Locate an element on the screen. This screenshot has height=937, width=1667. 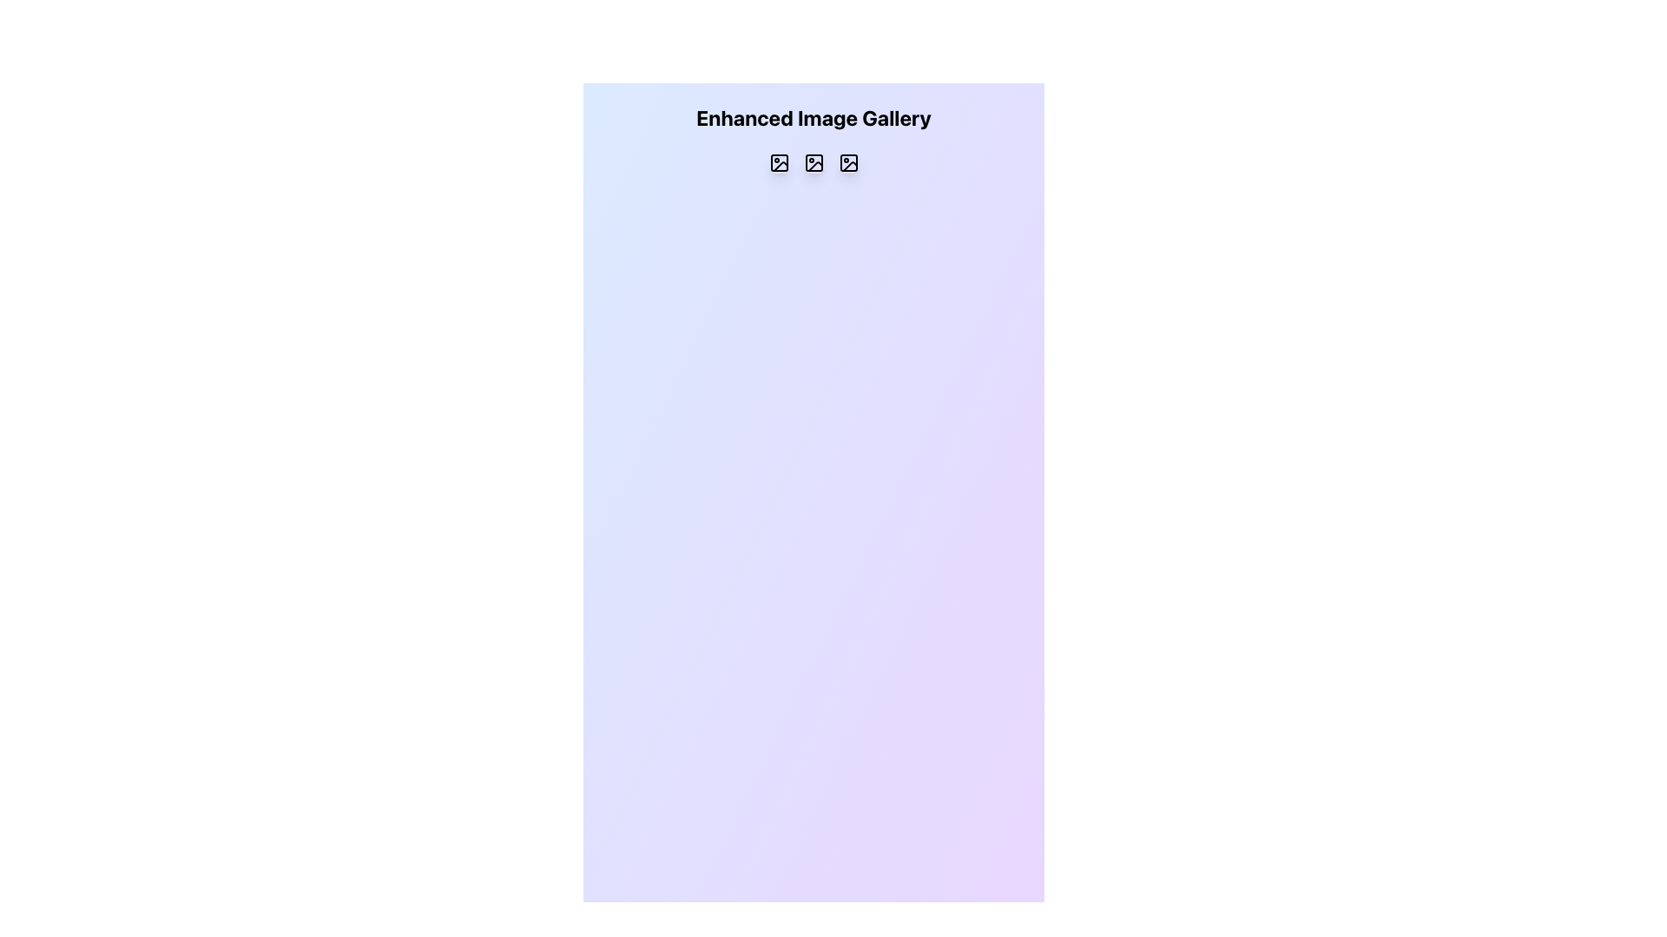
the second image placeholder icon located within the grid below the title 'Enhanced Image Gallery' is located at coordinates (813, 163).